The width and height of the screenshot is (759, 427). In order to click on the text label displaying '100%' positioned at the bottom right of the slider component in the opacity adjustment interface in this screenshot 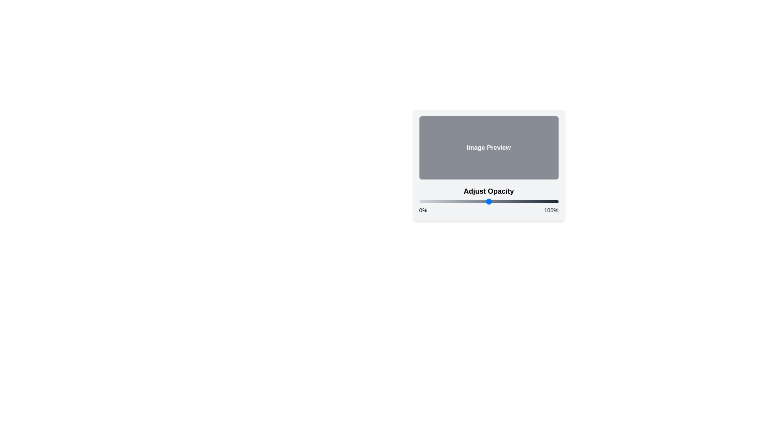, I will do `click(551, 210)`.